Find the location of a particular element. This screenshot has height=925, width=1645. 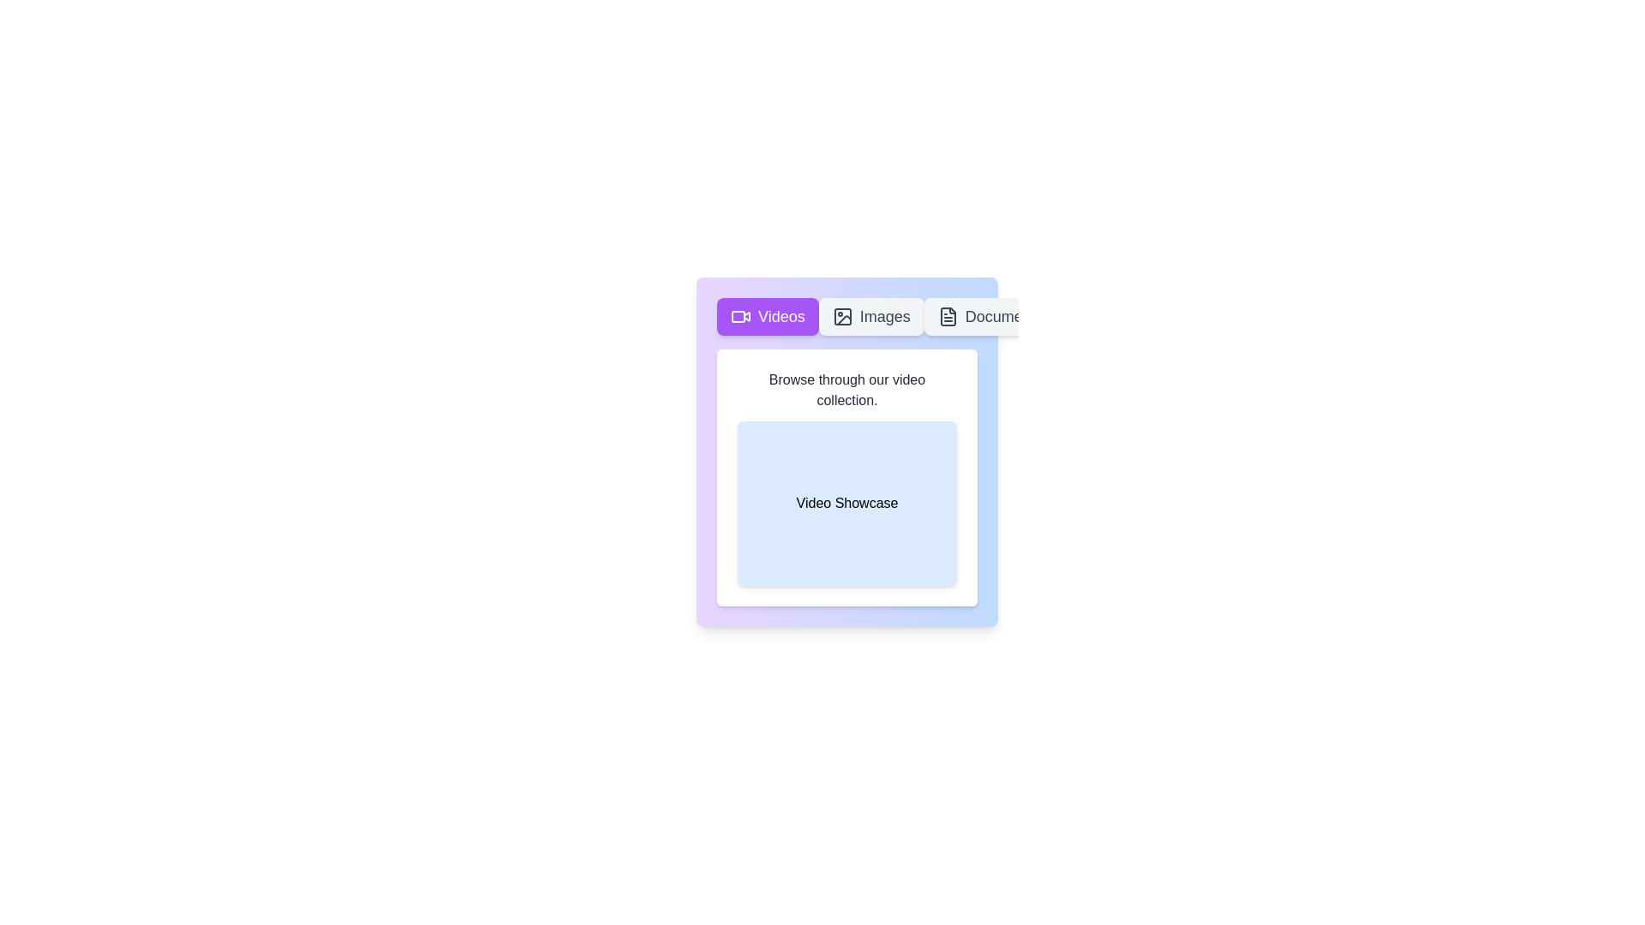

the 'Images' button icon, which is the second button from the left in the horizontal navigation bar at the top of the central card is located at coordinates (842, 317).